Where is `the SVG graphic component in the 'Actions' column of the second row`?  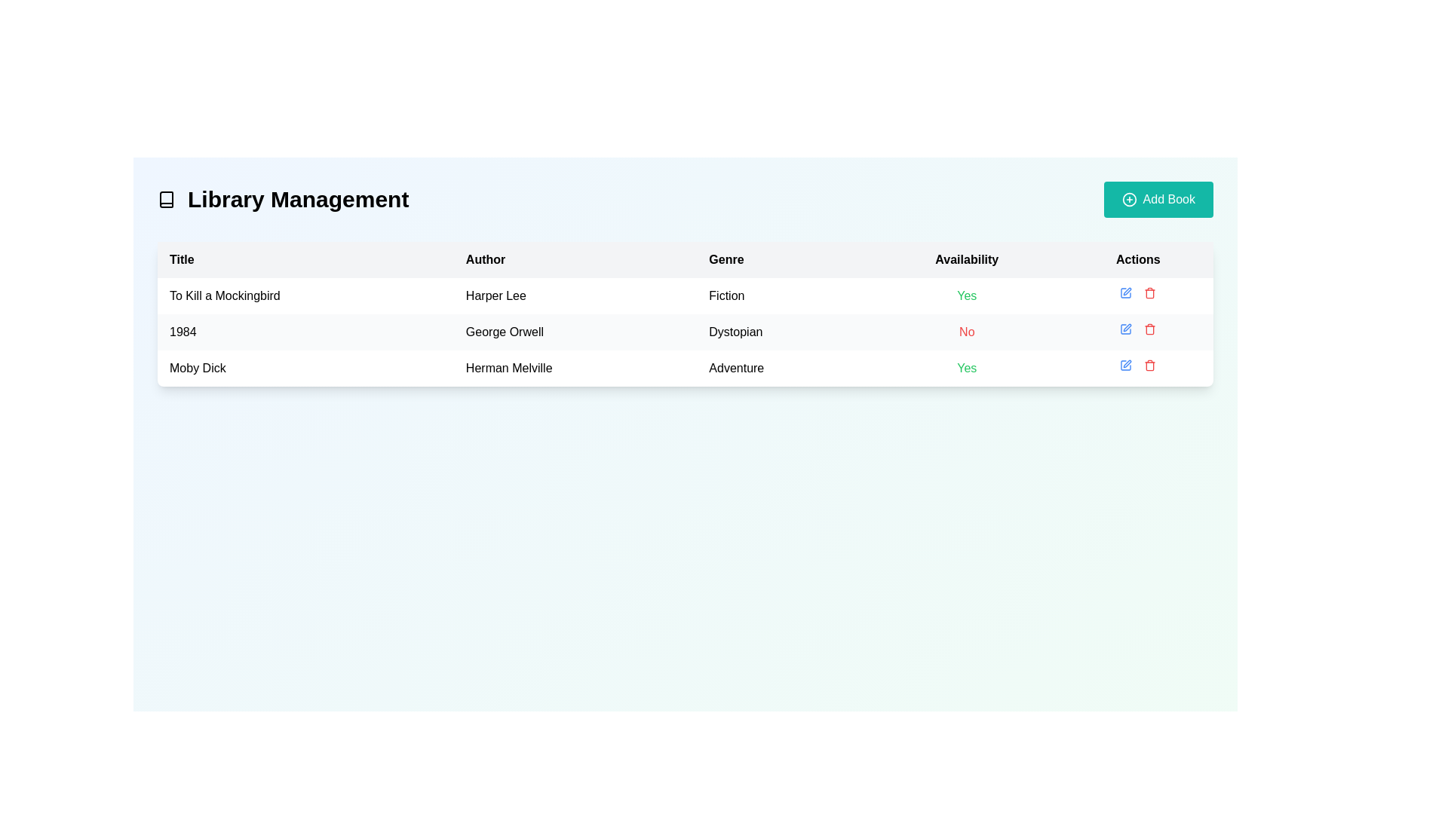 the SVG graphic component in the 'Actions' column of the second row is located at coordinates (1127, 327).